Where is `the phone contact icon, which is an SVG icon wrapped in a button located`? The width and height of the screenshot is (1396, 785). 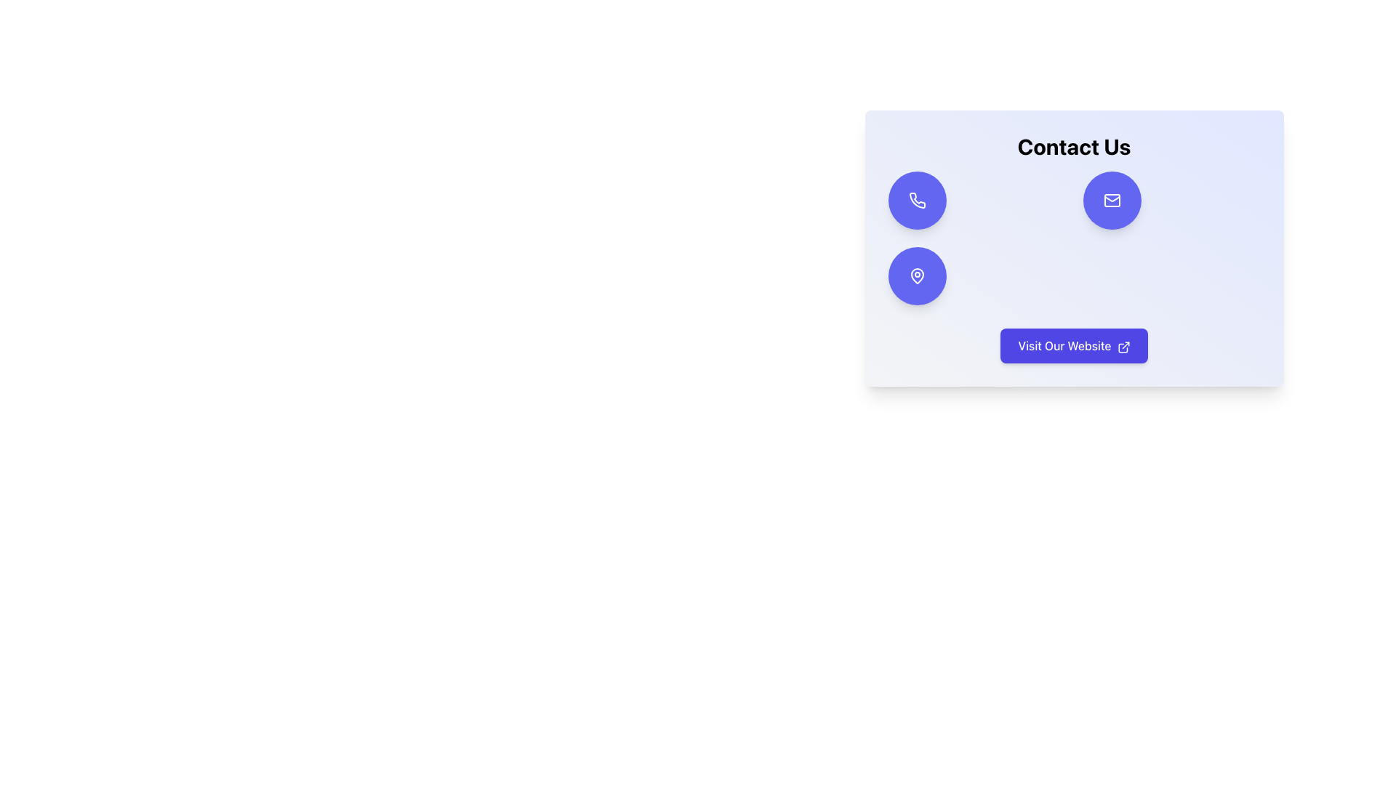 the phone contact icon, which is an SVG icon wrapped in a button located is located at coordinates (916, 200).